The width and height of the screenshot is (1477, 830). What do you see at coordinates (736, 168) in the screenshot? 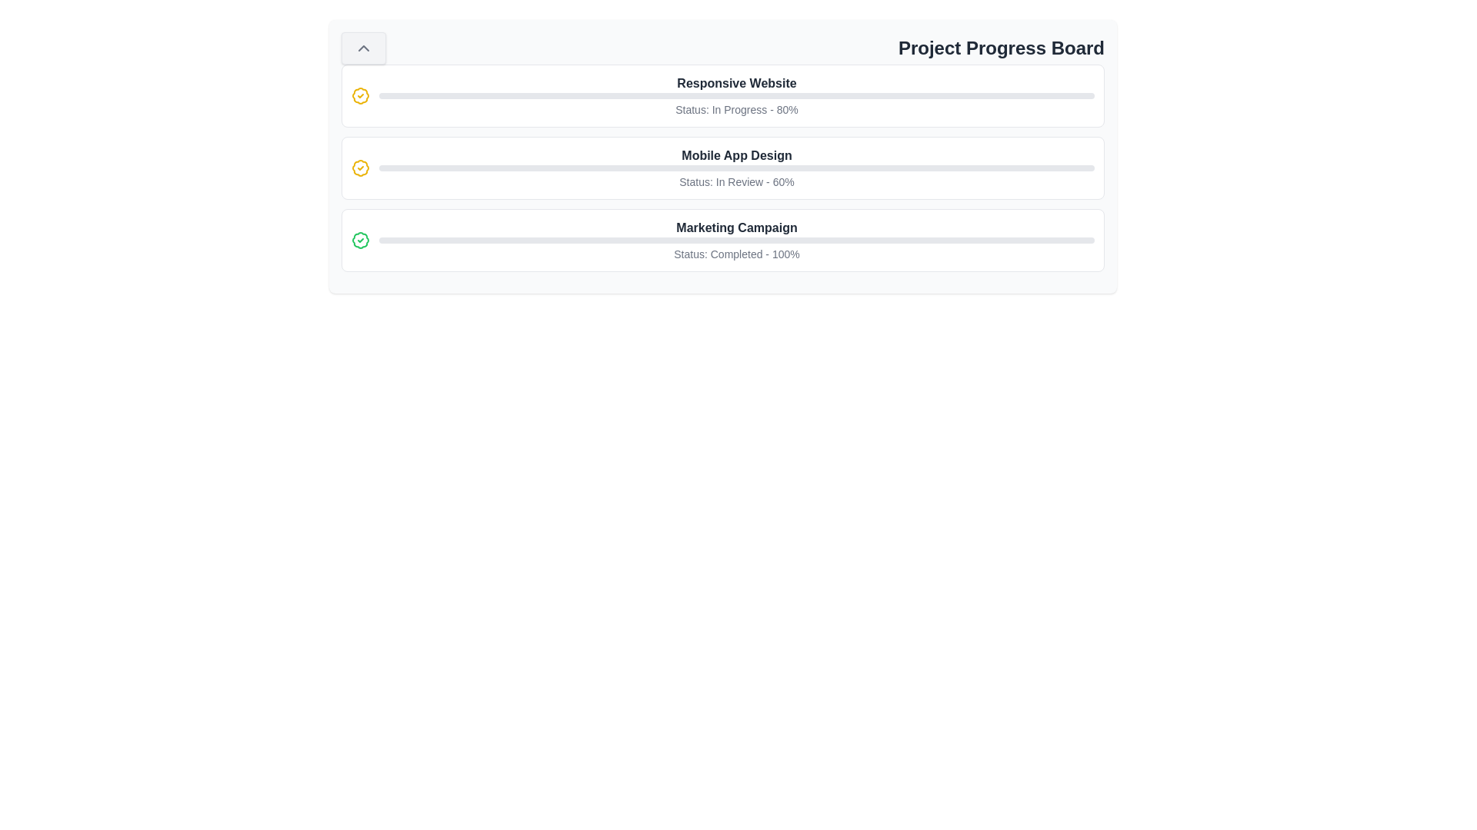
I see `the progress bar indicating the completion of the 'Mobile App Design' project, which shows that it is 60% complete` at bounding box center [736, 168].